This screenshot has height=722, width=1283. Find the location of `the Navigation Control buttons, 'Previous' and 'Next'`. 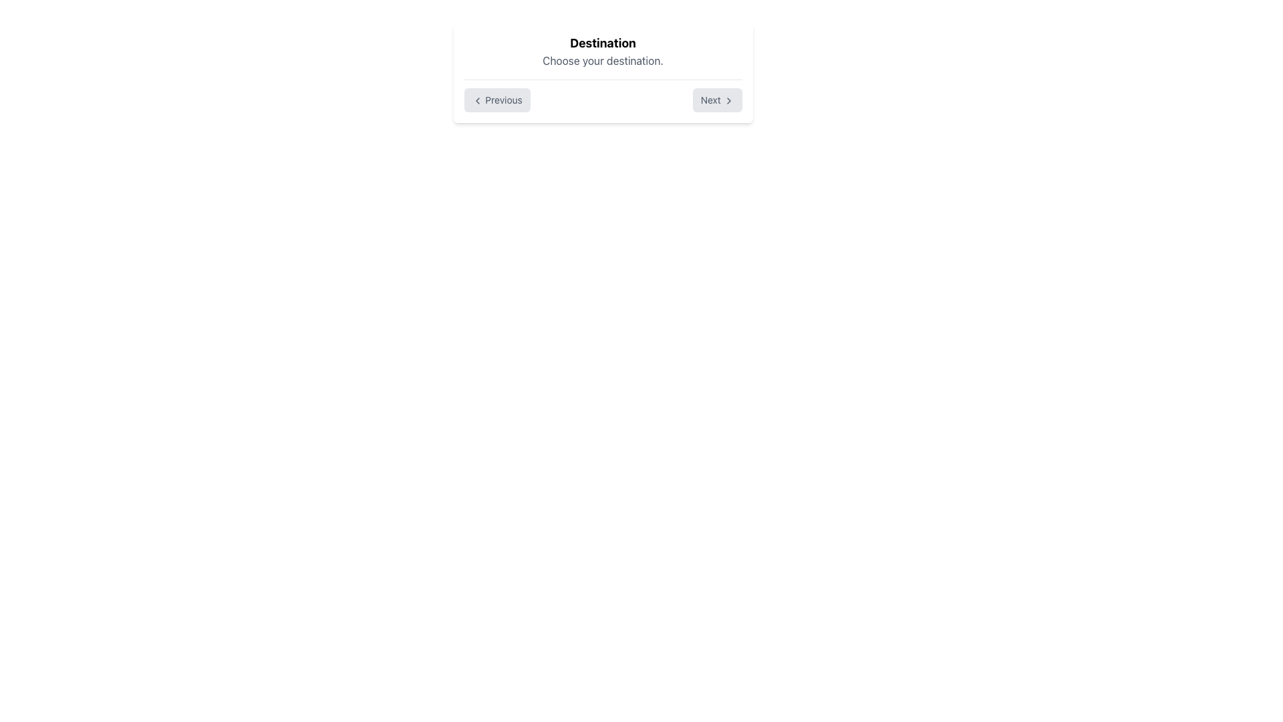

the Navigation Control buttons, 'Previous' and 'Next' is located at coordinates (602, 100).